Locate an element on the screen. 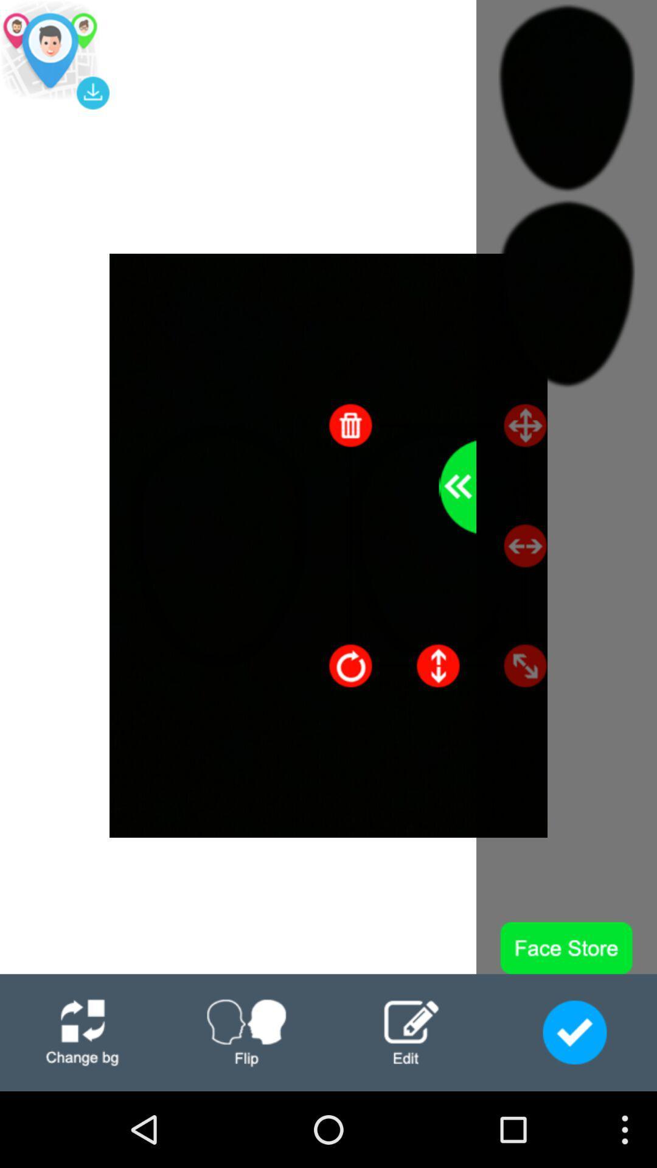 This screenshot has height=1168, width=657. go back is located at coordinates (457, 487).